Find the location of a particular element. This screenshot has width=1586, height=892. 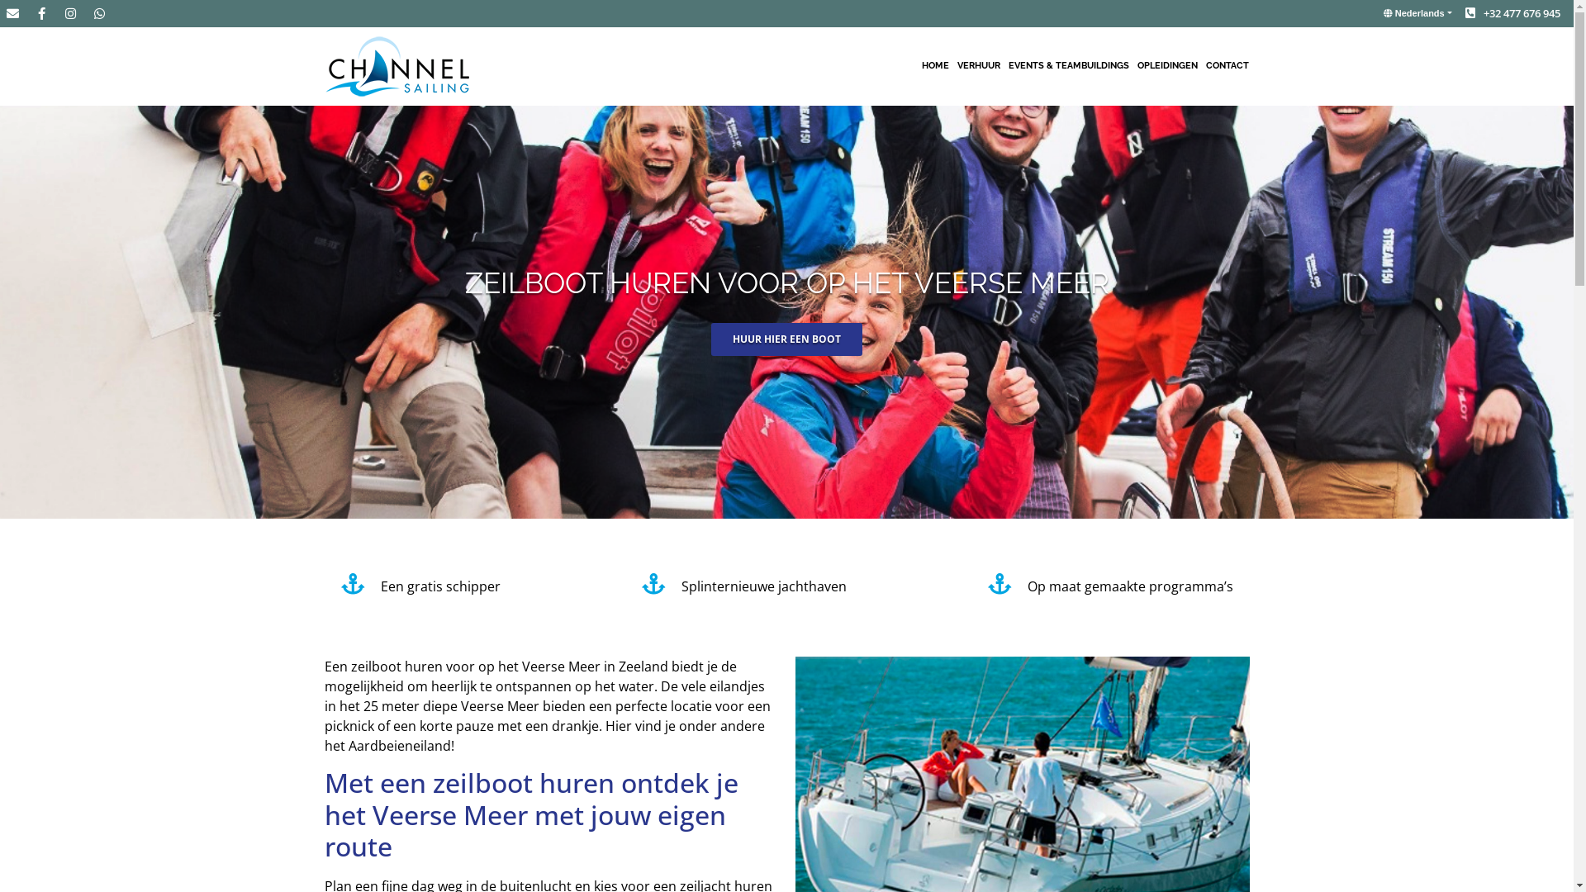

'+32 477 676 945' is located at coordinates (1465, 13).